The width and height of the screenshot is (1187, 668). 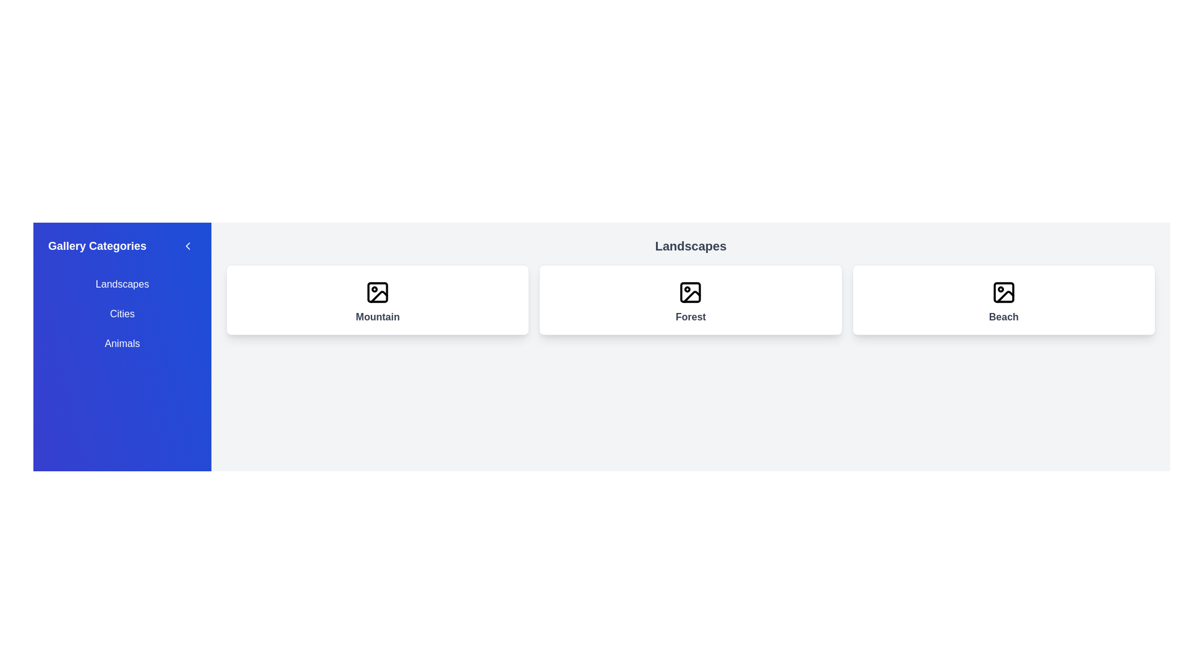 What do you see at coordinates (187, 246) in the screenshot?
I see `the navigation button located to the right of 'Gallery Categories'` at bounding box center [187, 246].